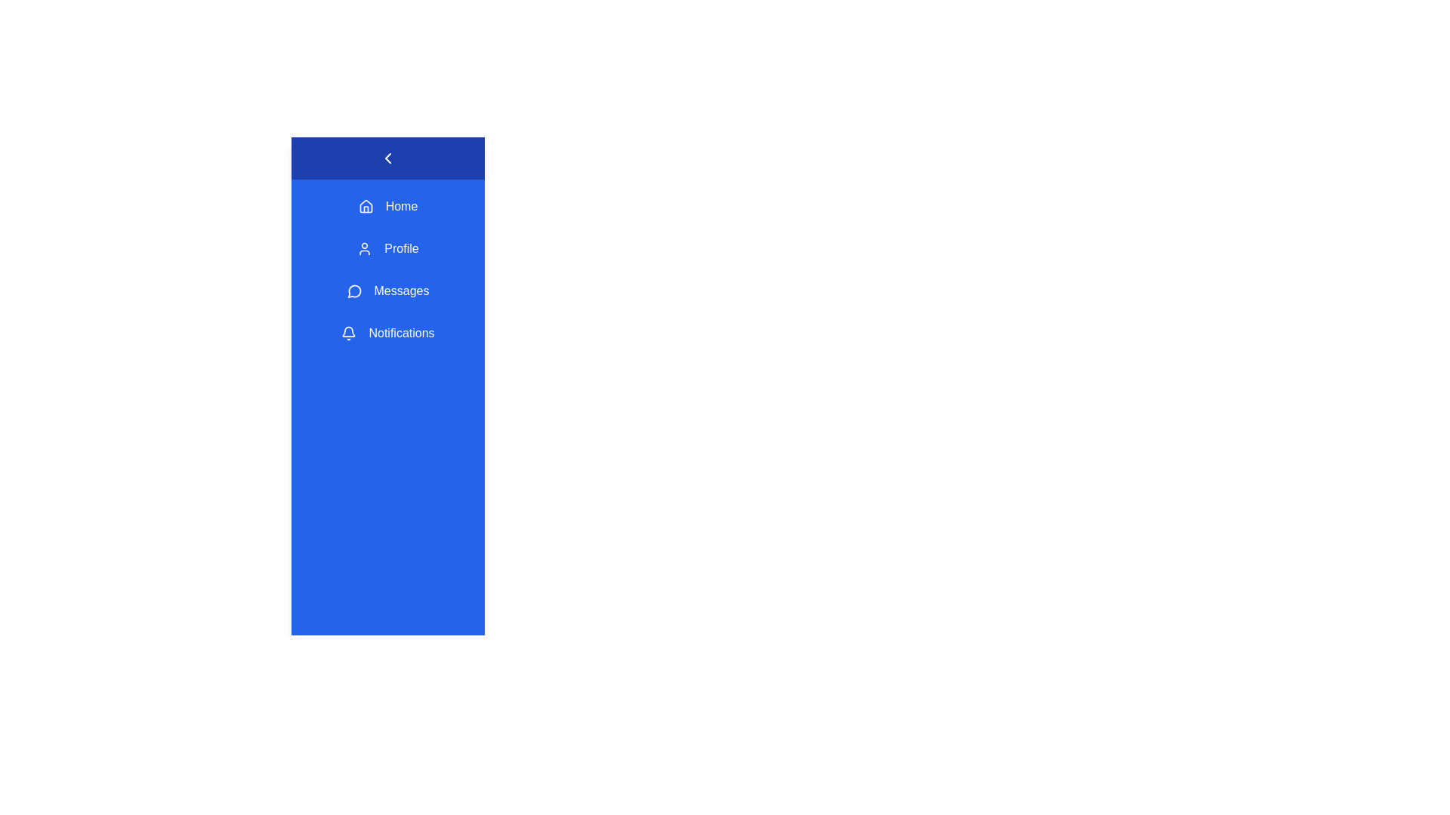 The image size is (1450, 815). I want to click on the Messages icon in the sidebar menu, so click(353, 291).